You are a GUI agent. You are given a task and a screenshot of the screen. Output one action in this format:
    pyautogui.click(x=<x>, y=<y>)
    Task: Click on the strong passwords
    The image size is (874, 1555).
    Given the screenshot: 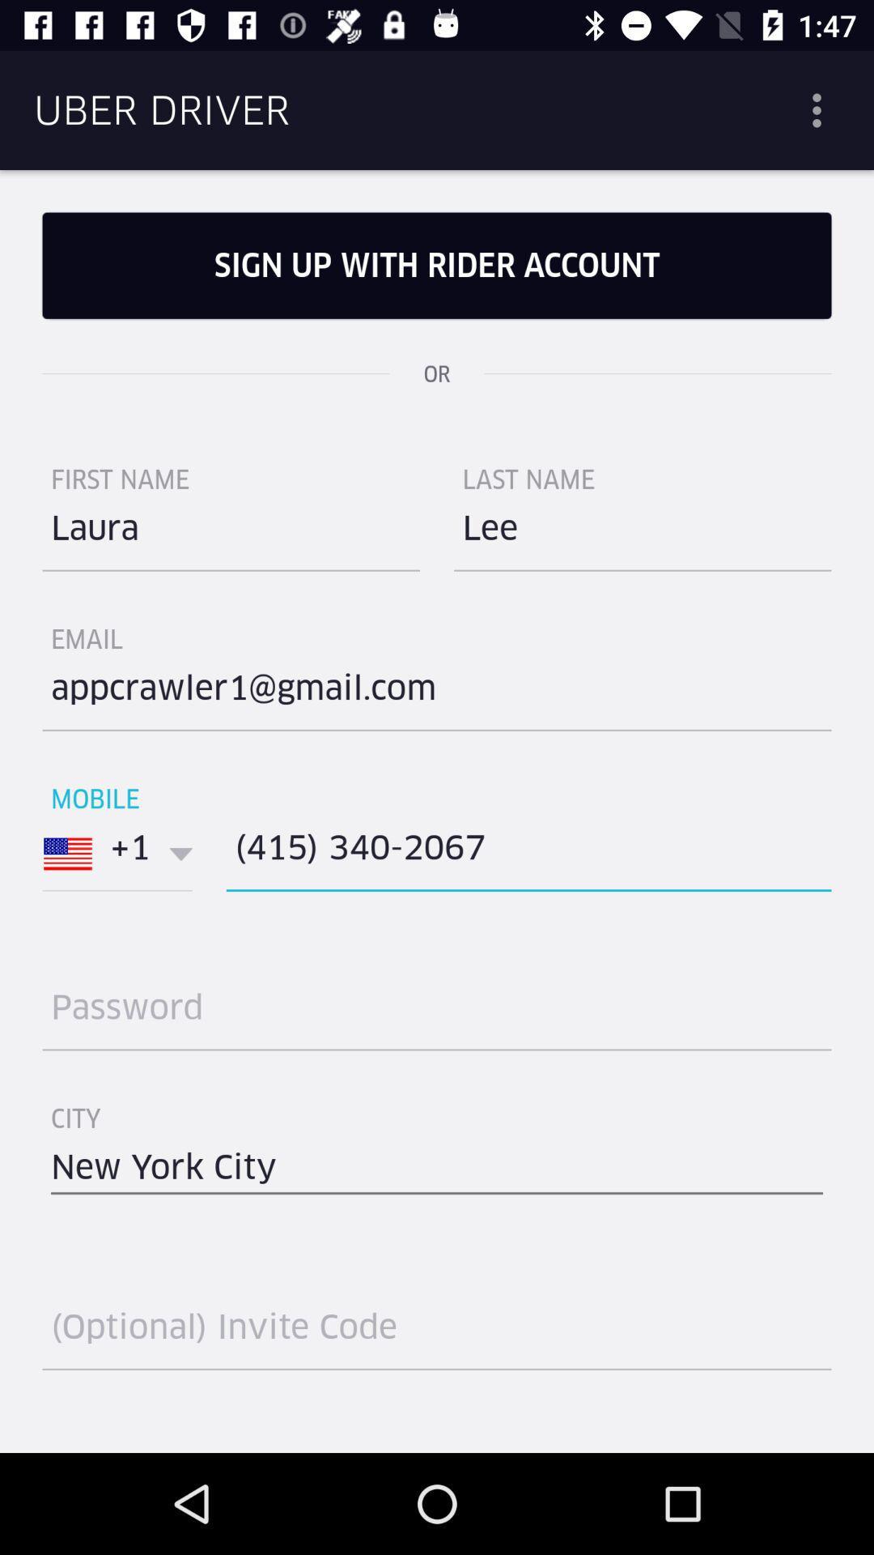 What is the action you would take?
    pyautogui.click(x=437, y=1013)
    